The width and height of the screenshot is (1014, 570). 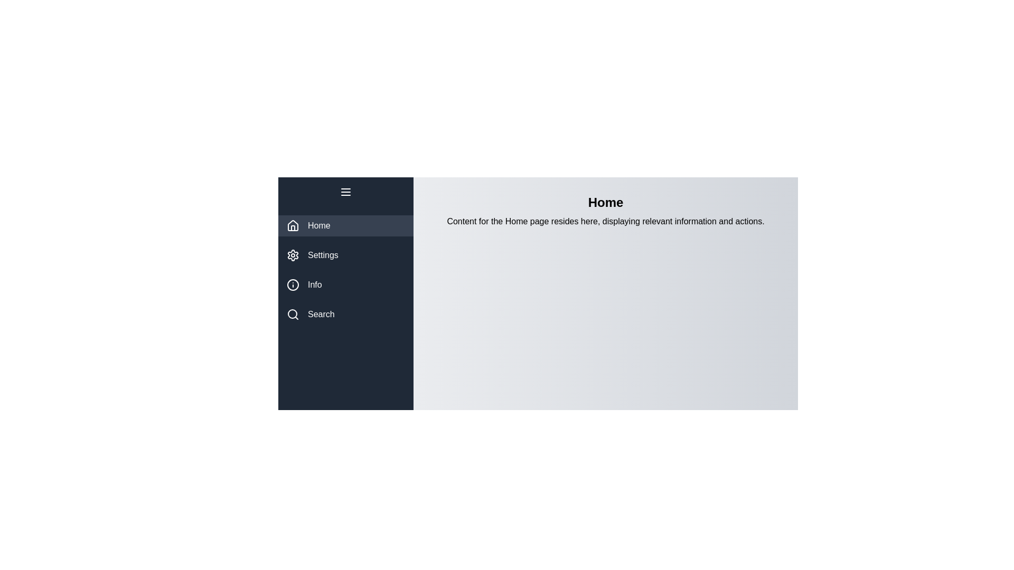 I want to click on the menu item Search to observe the hover effect, so click(x=345, y=314).